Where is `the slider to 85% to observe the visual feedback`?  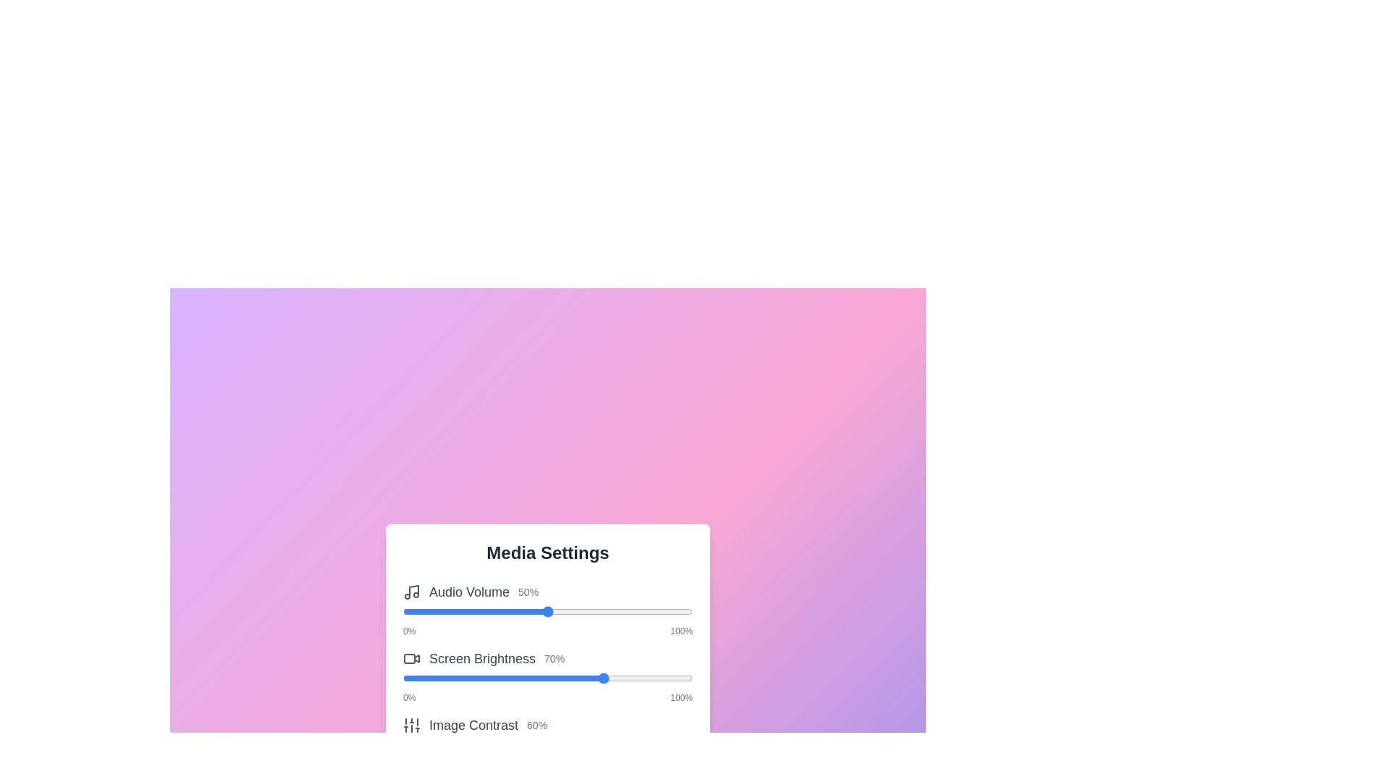 the slider to 85% to observe the visual feedback is located at coordinates (649, 611).